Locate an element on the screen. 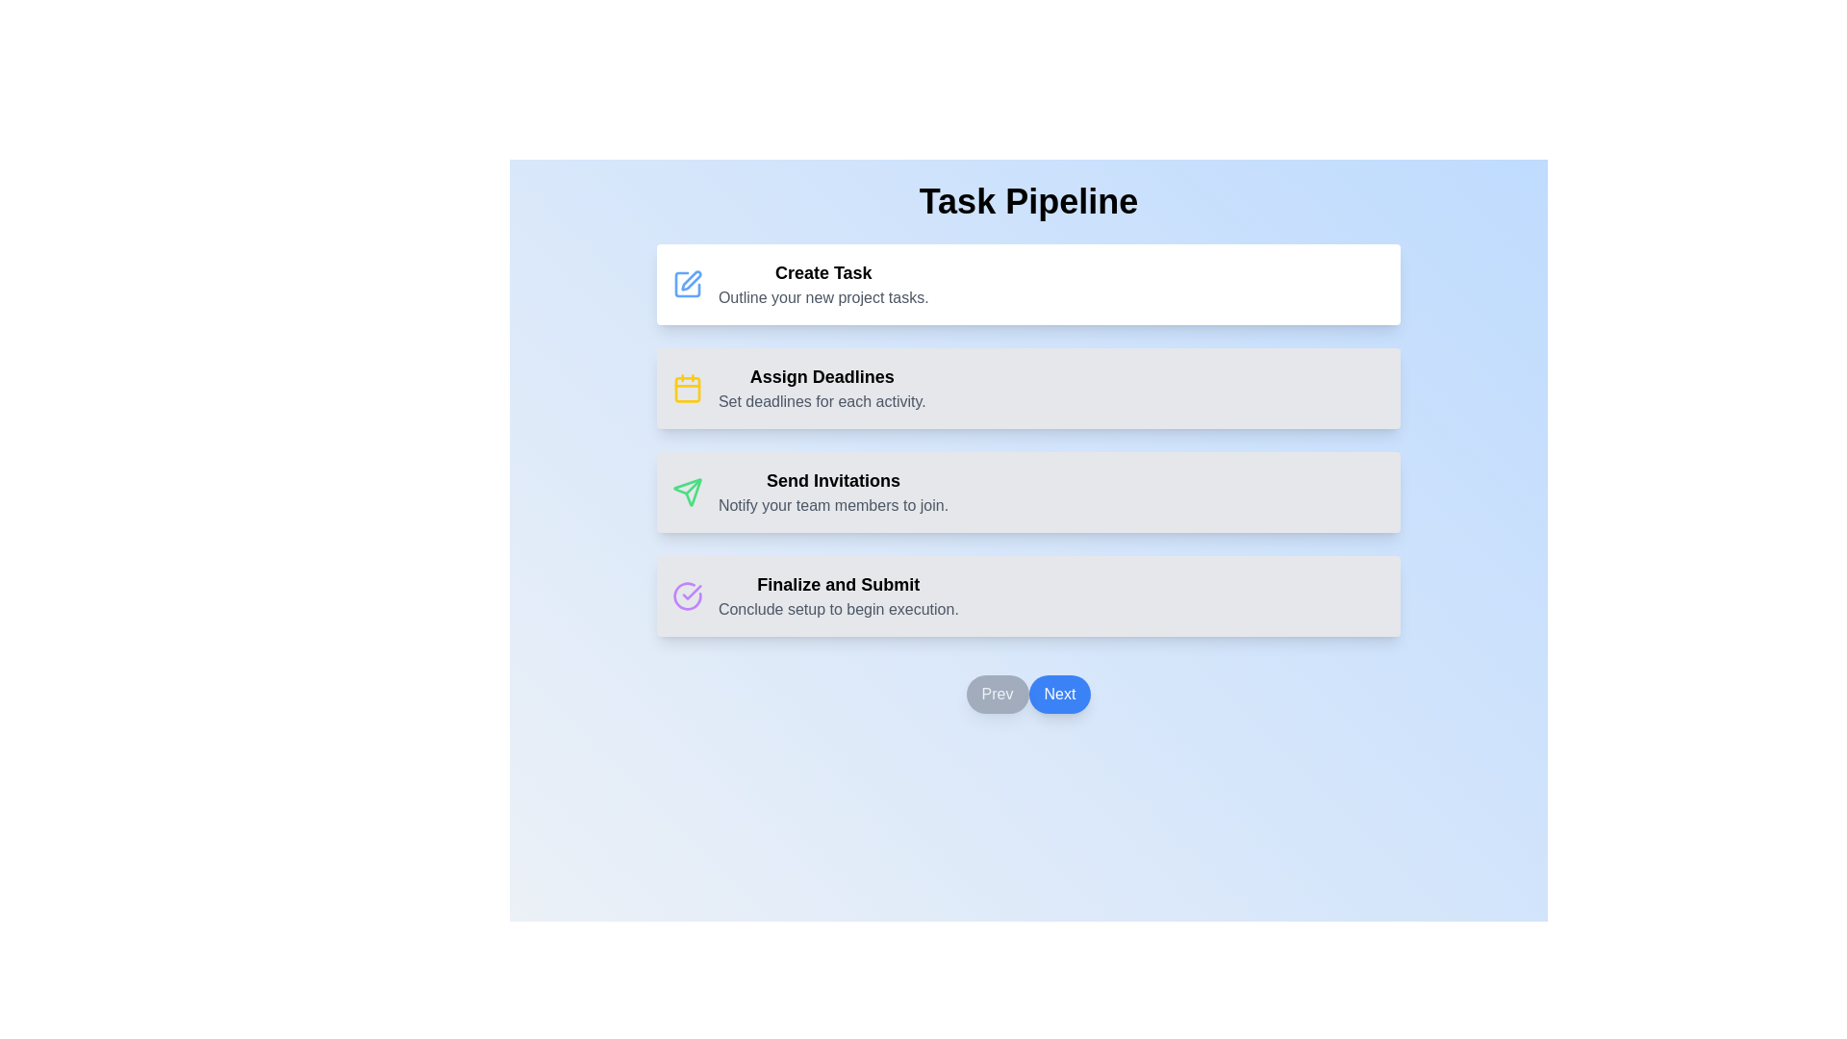 This screenshot has width=1847, height=1039. the Information Card displaying 'Create Task' which is the first card in a vertical list, featuring a blue pencil icon and a description below it is located at coordinates (1027, 285).